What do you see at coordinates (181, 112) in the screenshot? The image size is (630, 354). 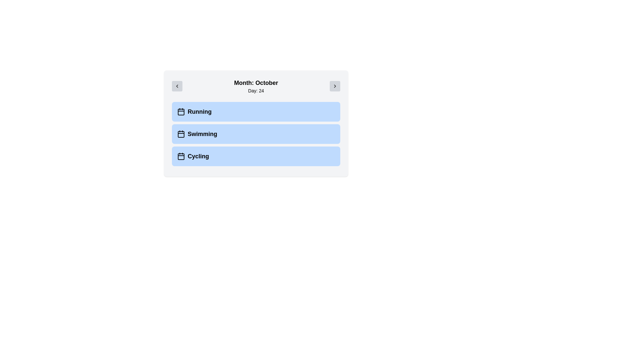 I see `the SVG rectangle that represents a day or event within the calendar icon by clicking on it to trigger related actions` at bounding box center [181, 112].